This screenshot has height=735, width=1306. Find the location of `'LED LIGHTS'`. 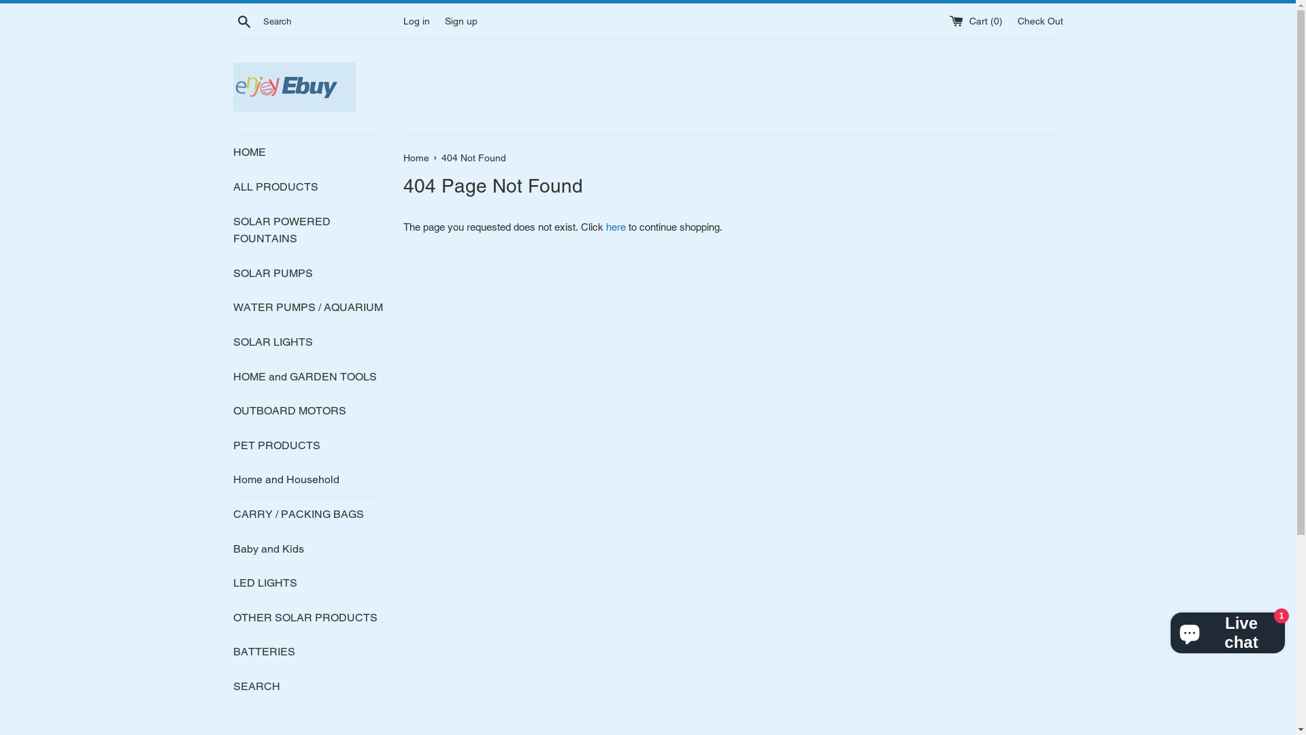

'LED LIGHTS' is located at coordinates (306, 582).